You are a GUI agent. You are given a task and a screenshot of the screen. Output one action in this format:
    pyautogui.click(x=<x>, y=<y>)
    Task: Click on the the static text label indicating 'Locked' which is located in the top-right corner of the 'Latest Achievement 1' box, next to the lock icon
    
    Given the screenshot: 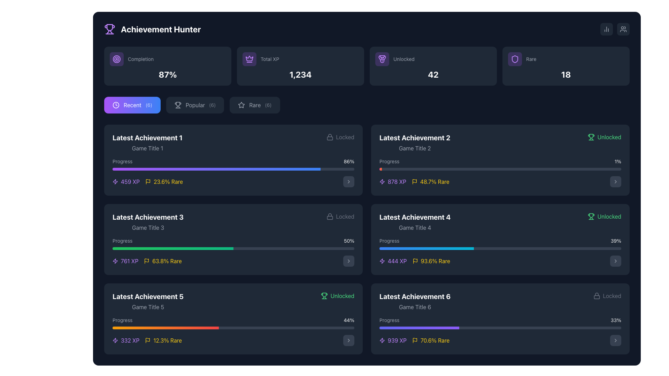 What is the action you would take?
    pyautogui.click(x=345, y=137)
    